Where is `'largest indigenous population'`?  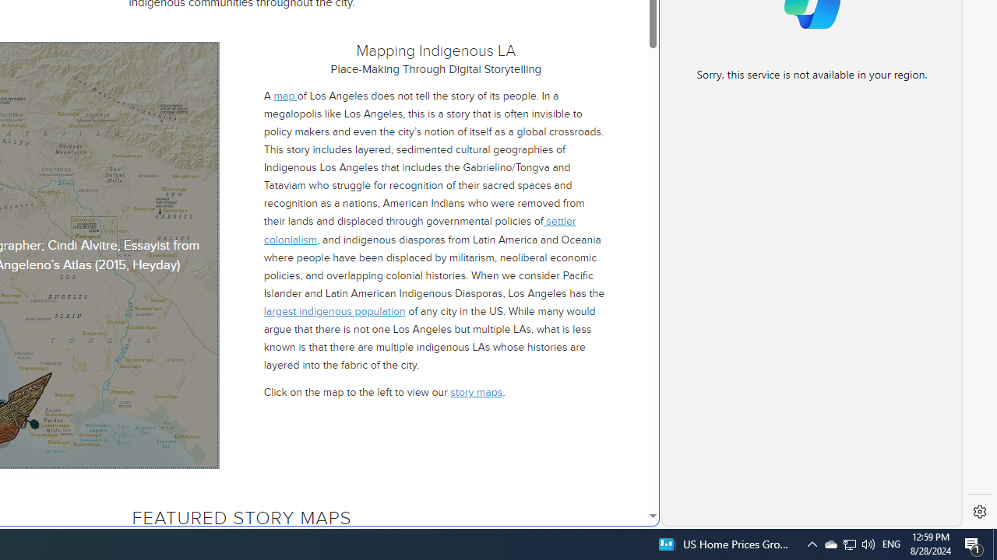 'largest indigenous population' is located at coordinates (333, 310).